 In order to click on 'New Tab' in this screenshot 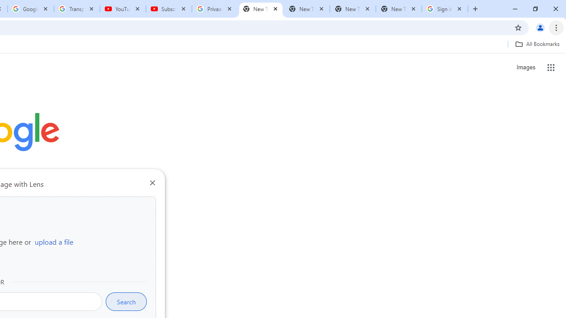, I will do `click(398, 9)`.